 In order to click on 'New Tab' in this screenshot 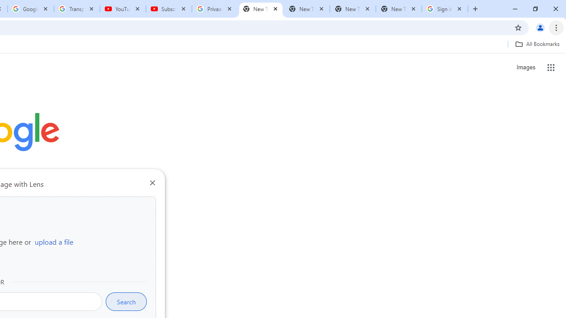, I will do `click(398, 9)`.